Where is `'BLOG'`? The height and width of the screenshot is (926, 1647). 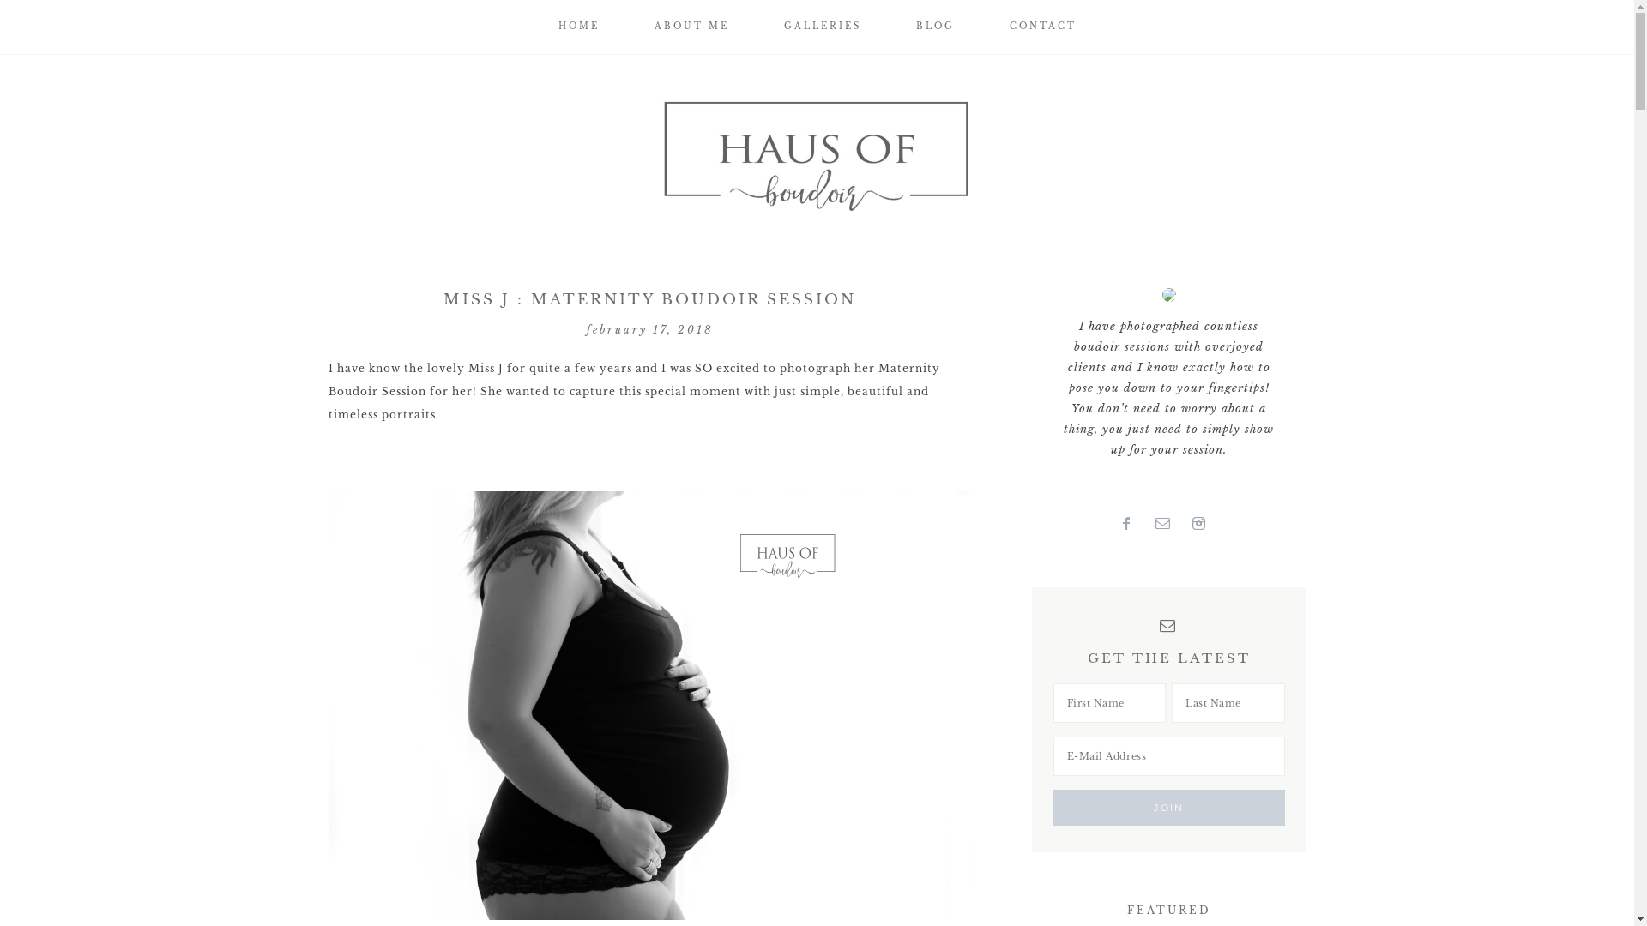 'BLOG' is located at coordinates (890, 27).